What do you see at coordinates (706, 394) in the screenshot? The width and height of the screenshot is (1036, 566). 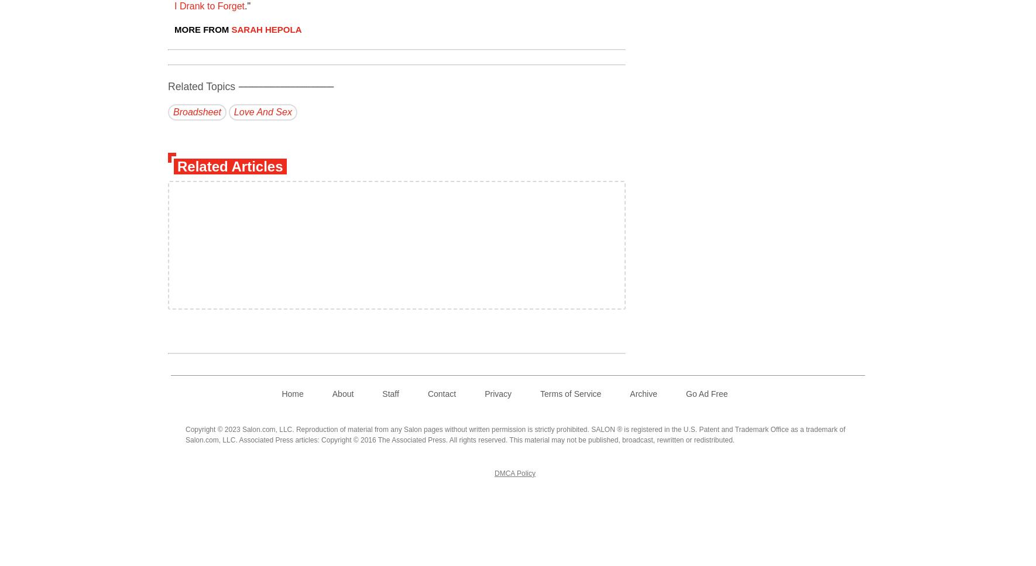 I see `'Go Ad Free'` at bounding box center [706, 394].